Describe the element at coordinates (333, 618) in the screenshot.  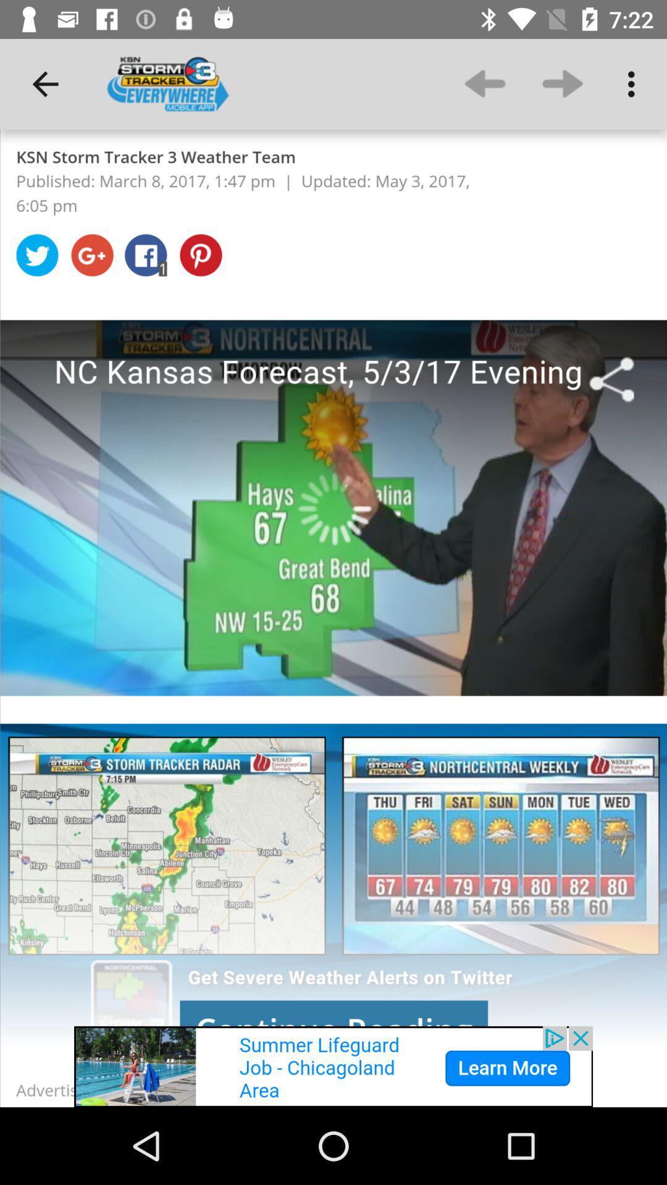
I see `twitter page` at that location.